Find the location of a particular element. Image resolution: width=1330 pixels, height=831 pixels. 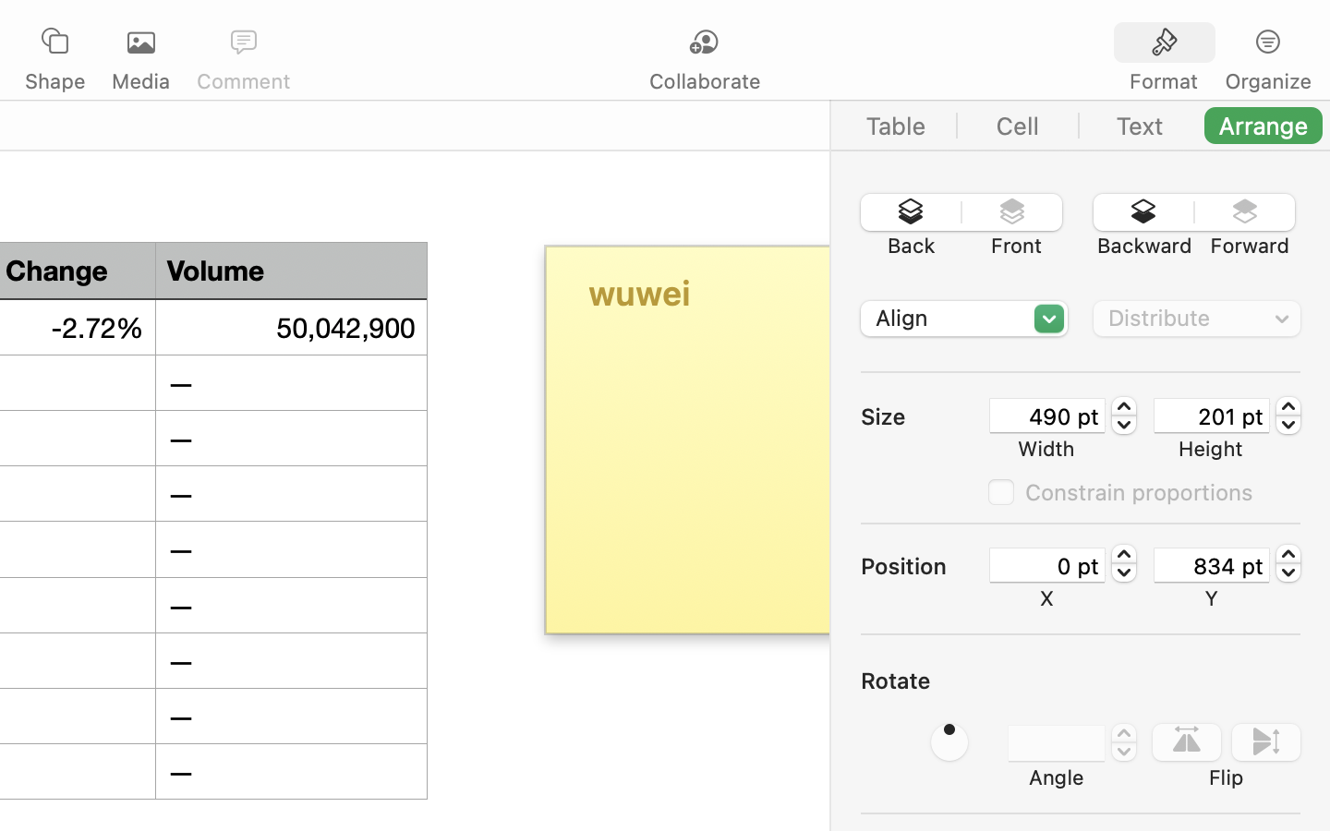

'201 pt' is located at coordinates (1211, 415).